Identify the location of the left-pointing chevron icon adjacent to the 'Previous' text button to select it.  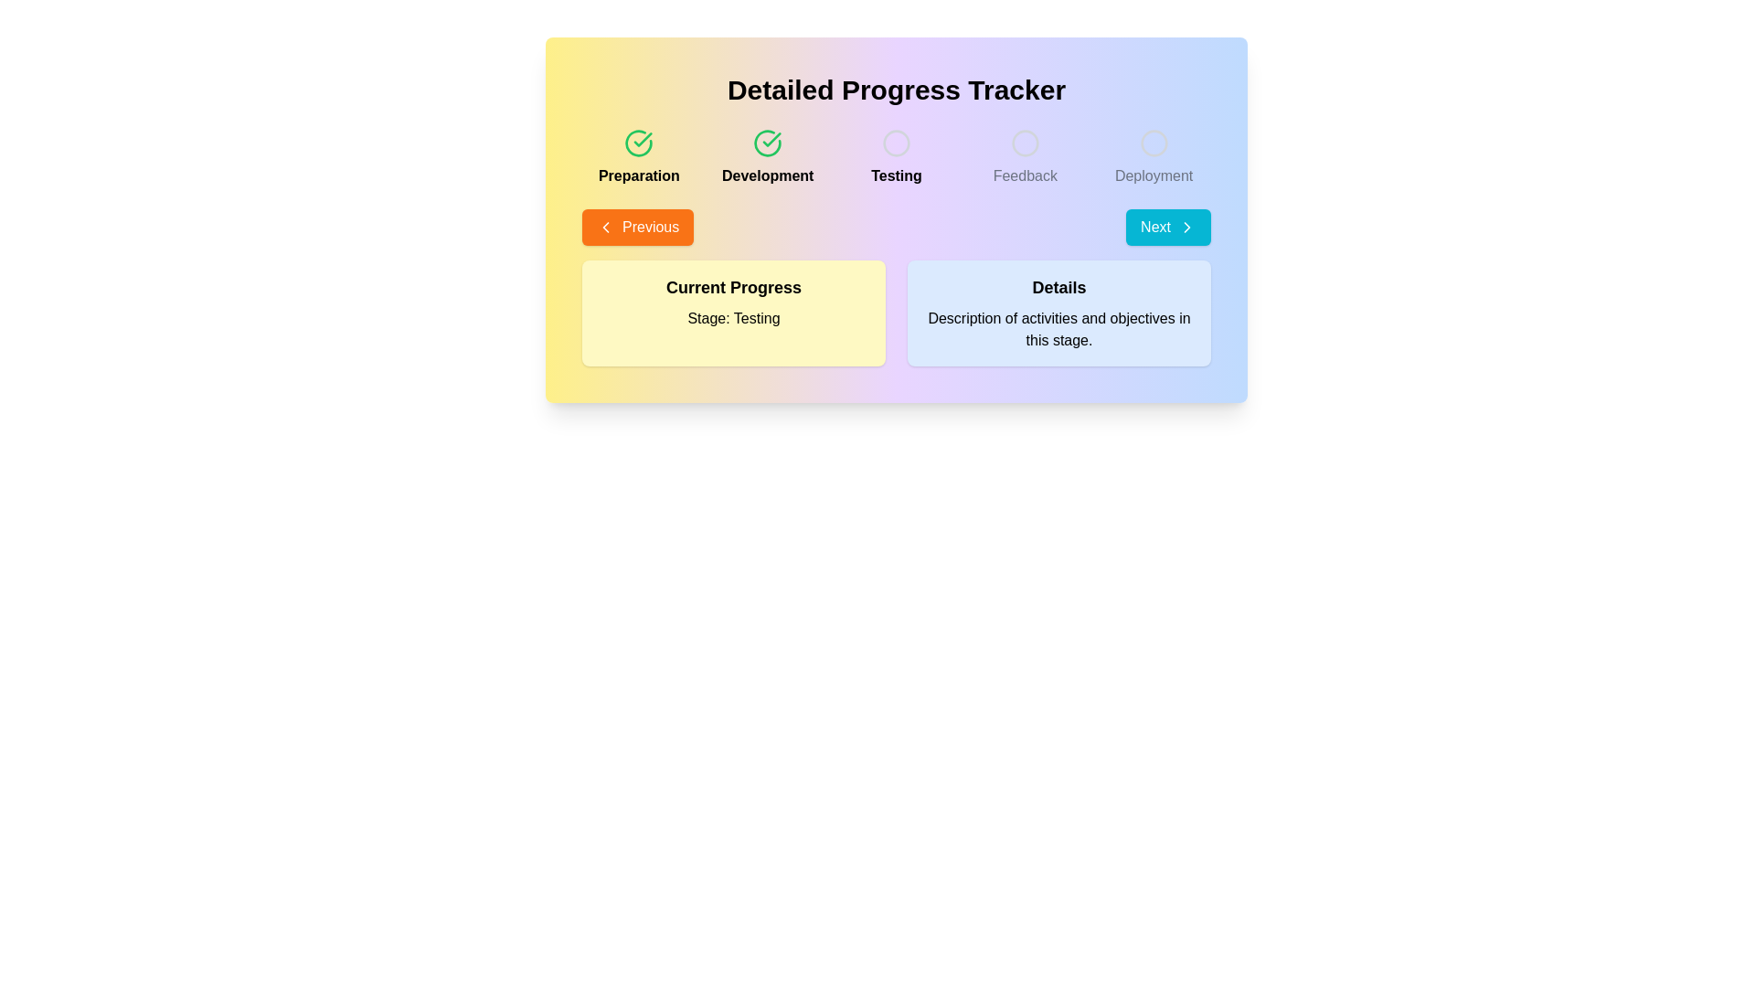
(605, 227).